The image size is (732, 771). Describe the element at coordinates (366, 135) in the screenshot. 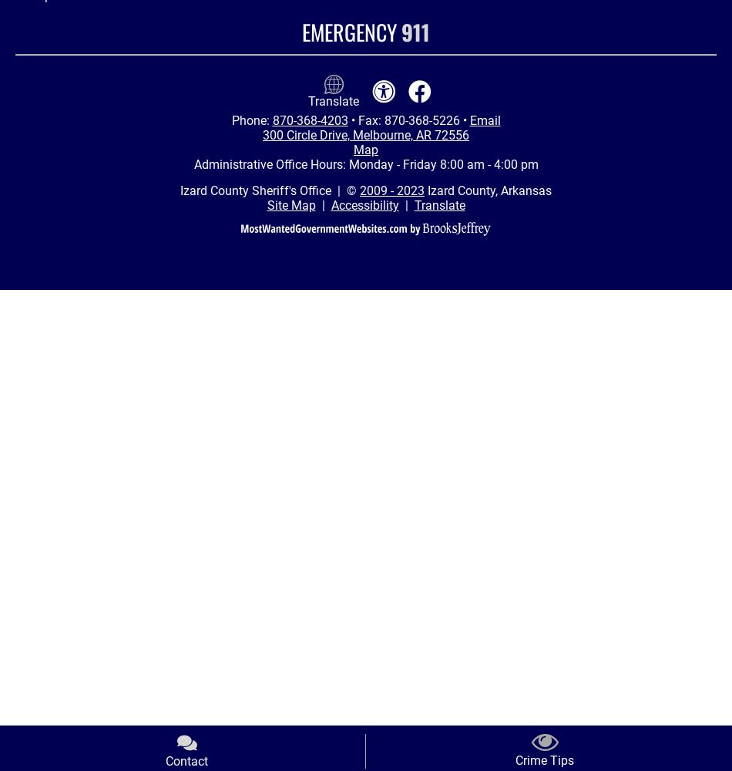

I see `'300 Circle Drive, Melbourne, AR 72556'` at that location.